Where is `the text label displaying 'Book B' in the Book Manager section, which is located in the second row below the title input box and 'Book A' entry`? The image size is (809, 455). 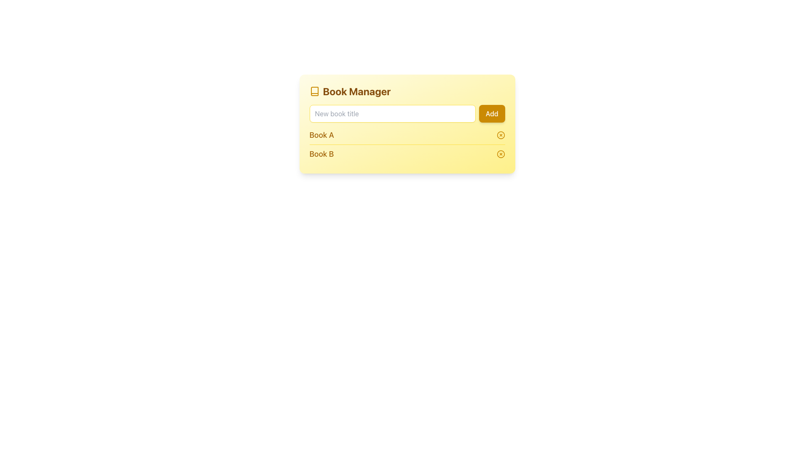 the text label displaying 'Book B' in the Book Manager section, which is located in the second row below the title input box and 'Book A' entry is located at coordinates (321, 154).